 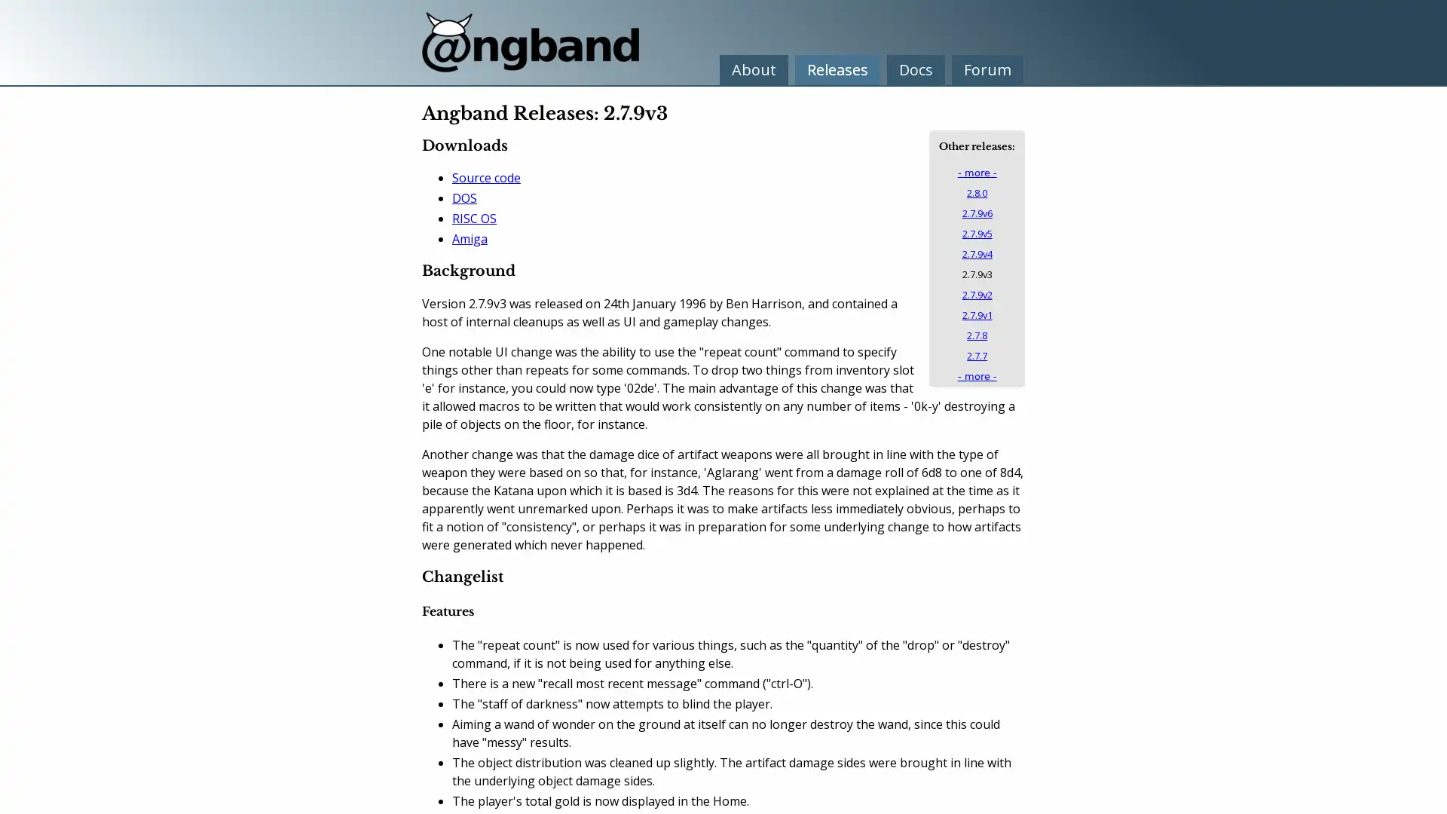 What do you see at coordinates (977, 172) in the screenshot?
I see `- more -` at bounding box center [977, 172].